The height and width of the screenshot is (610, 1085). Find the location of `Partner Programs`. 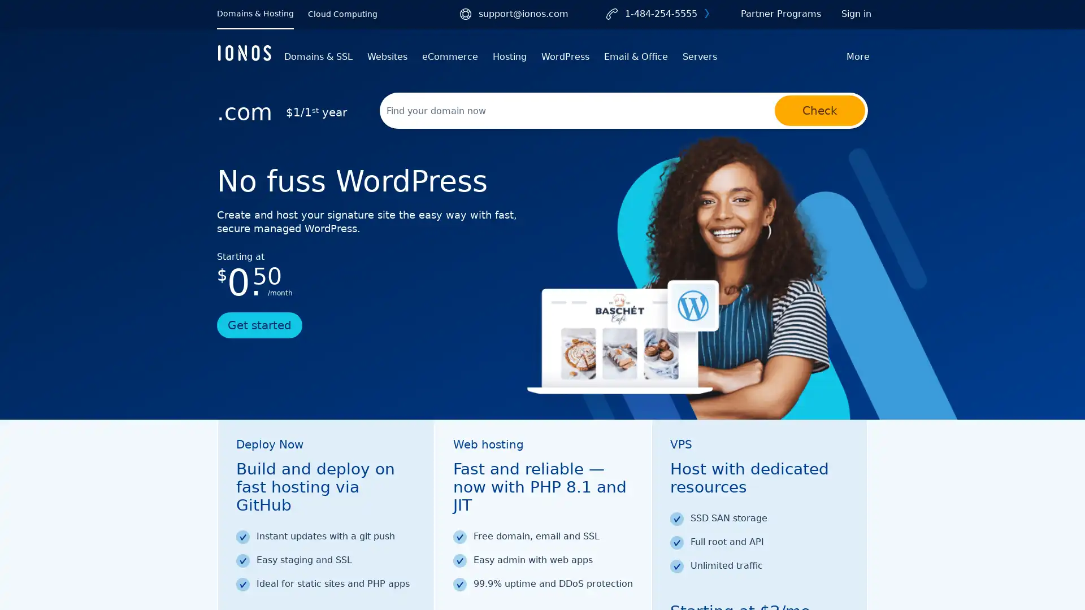

Partner Programs is located at coordinates (780, 14).